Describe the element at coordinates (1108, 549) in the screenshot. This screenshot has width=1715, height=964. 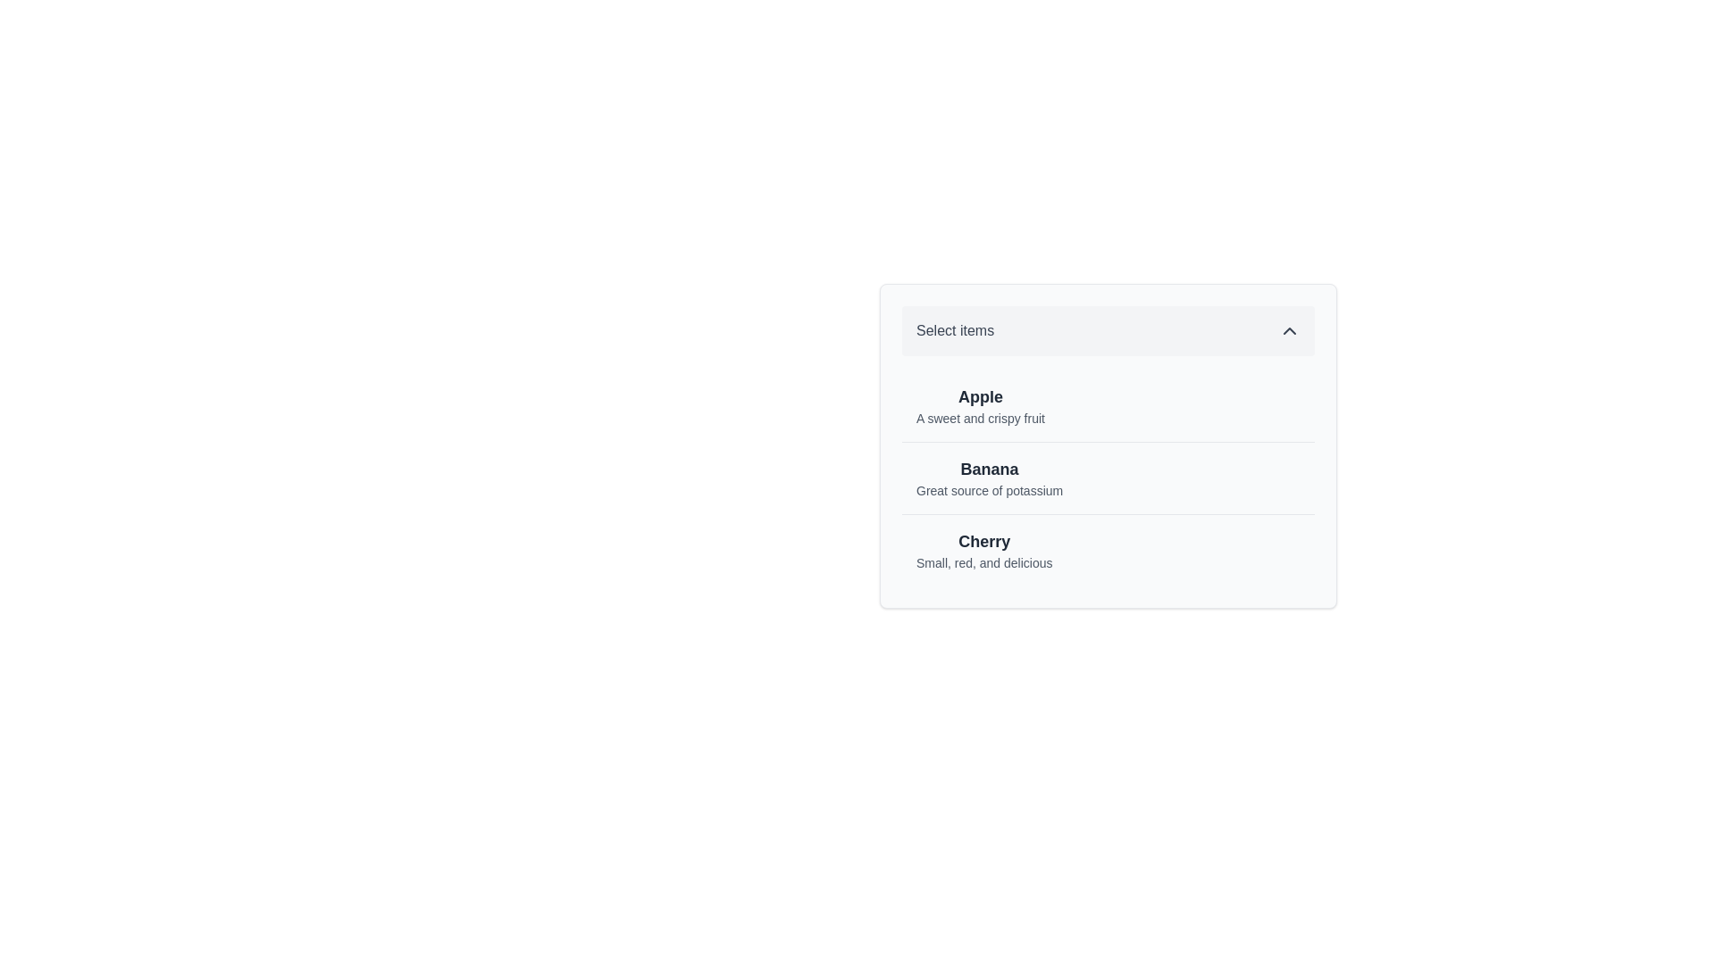
I see `the third list item in the dropdown menu that displays 'Cherry' in bold, highlighting it for selection` at that location.